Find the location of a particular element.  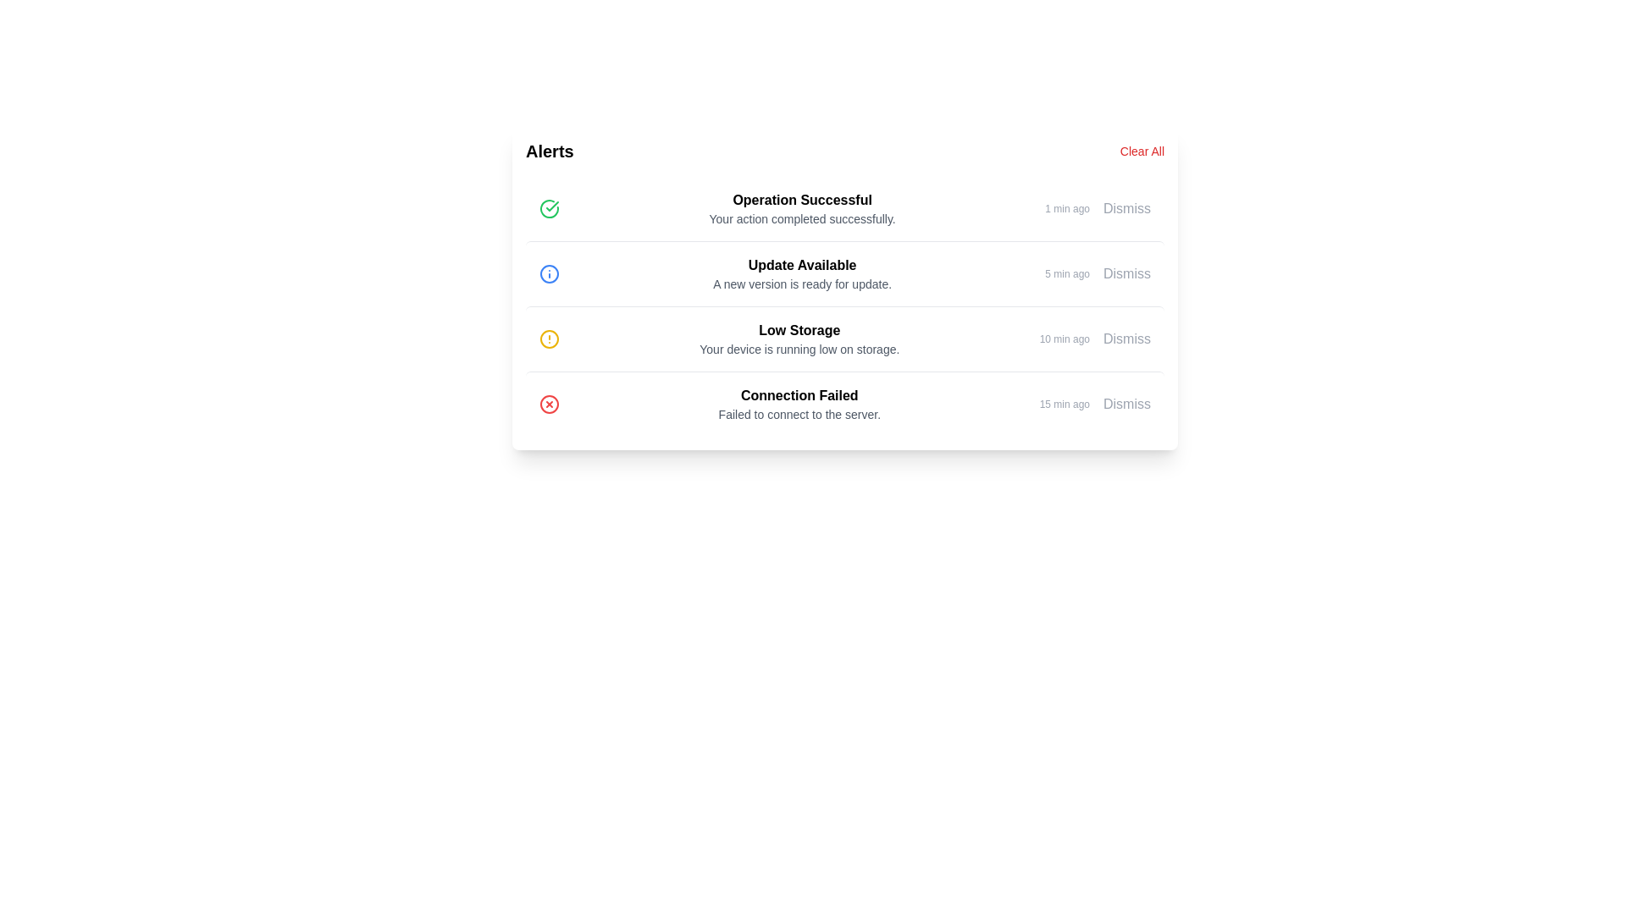

the 'Low Storage' notification icon is located at coordinates (549, 339).